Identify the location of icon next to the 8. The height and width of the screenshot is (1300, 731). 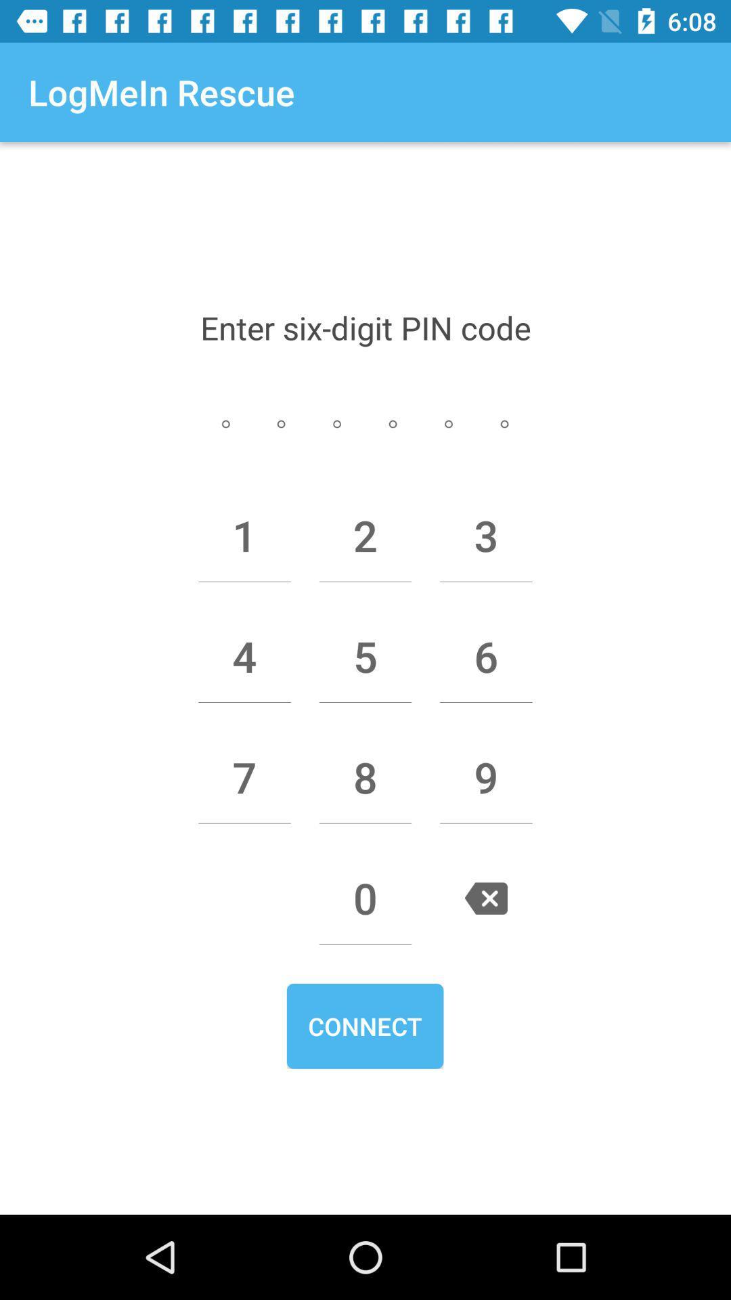
(485, 777).